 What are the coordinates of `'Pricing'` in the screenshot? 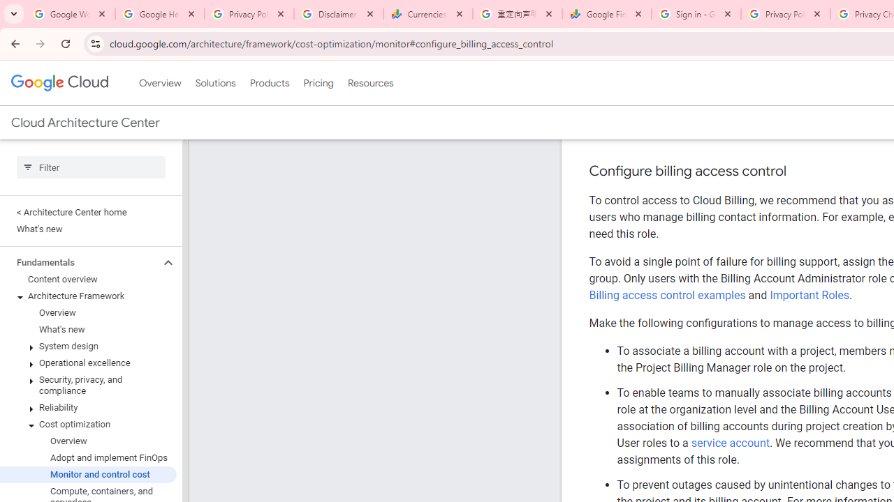 It's located at (317, 83).